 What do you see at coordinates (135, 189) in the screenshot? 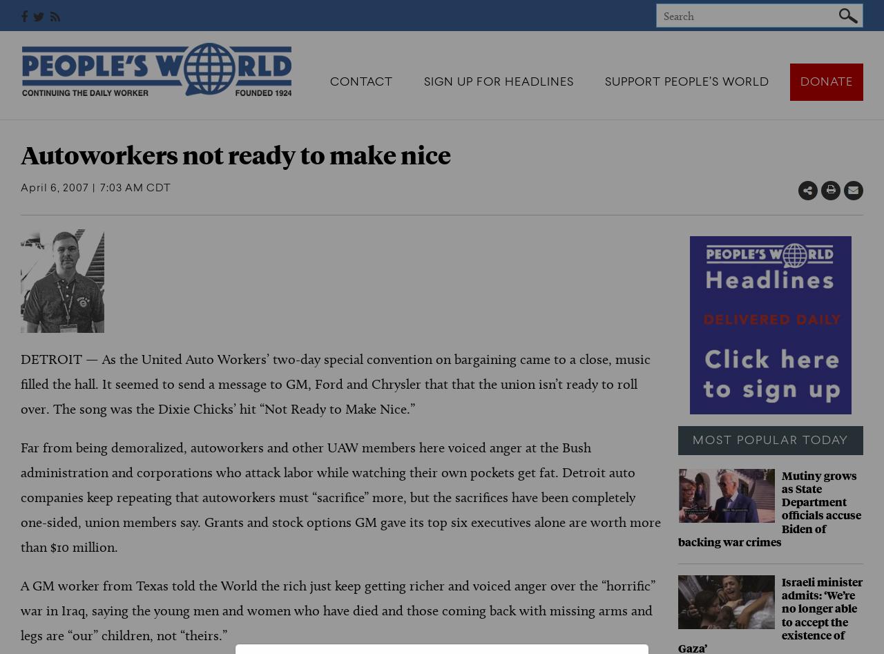
I see `'7:03 AM CDT'` at bounding box center [135, 189].